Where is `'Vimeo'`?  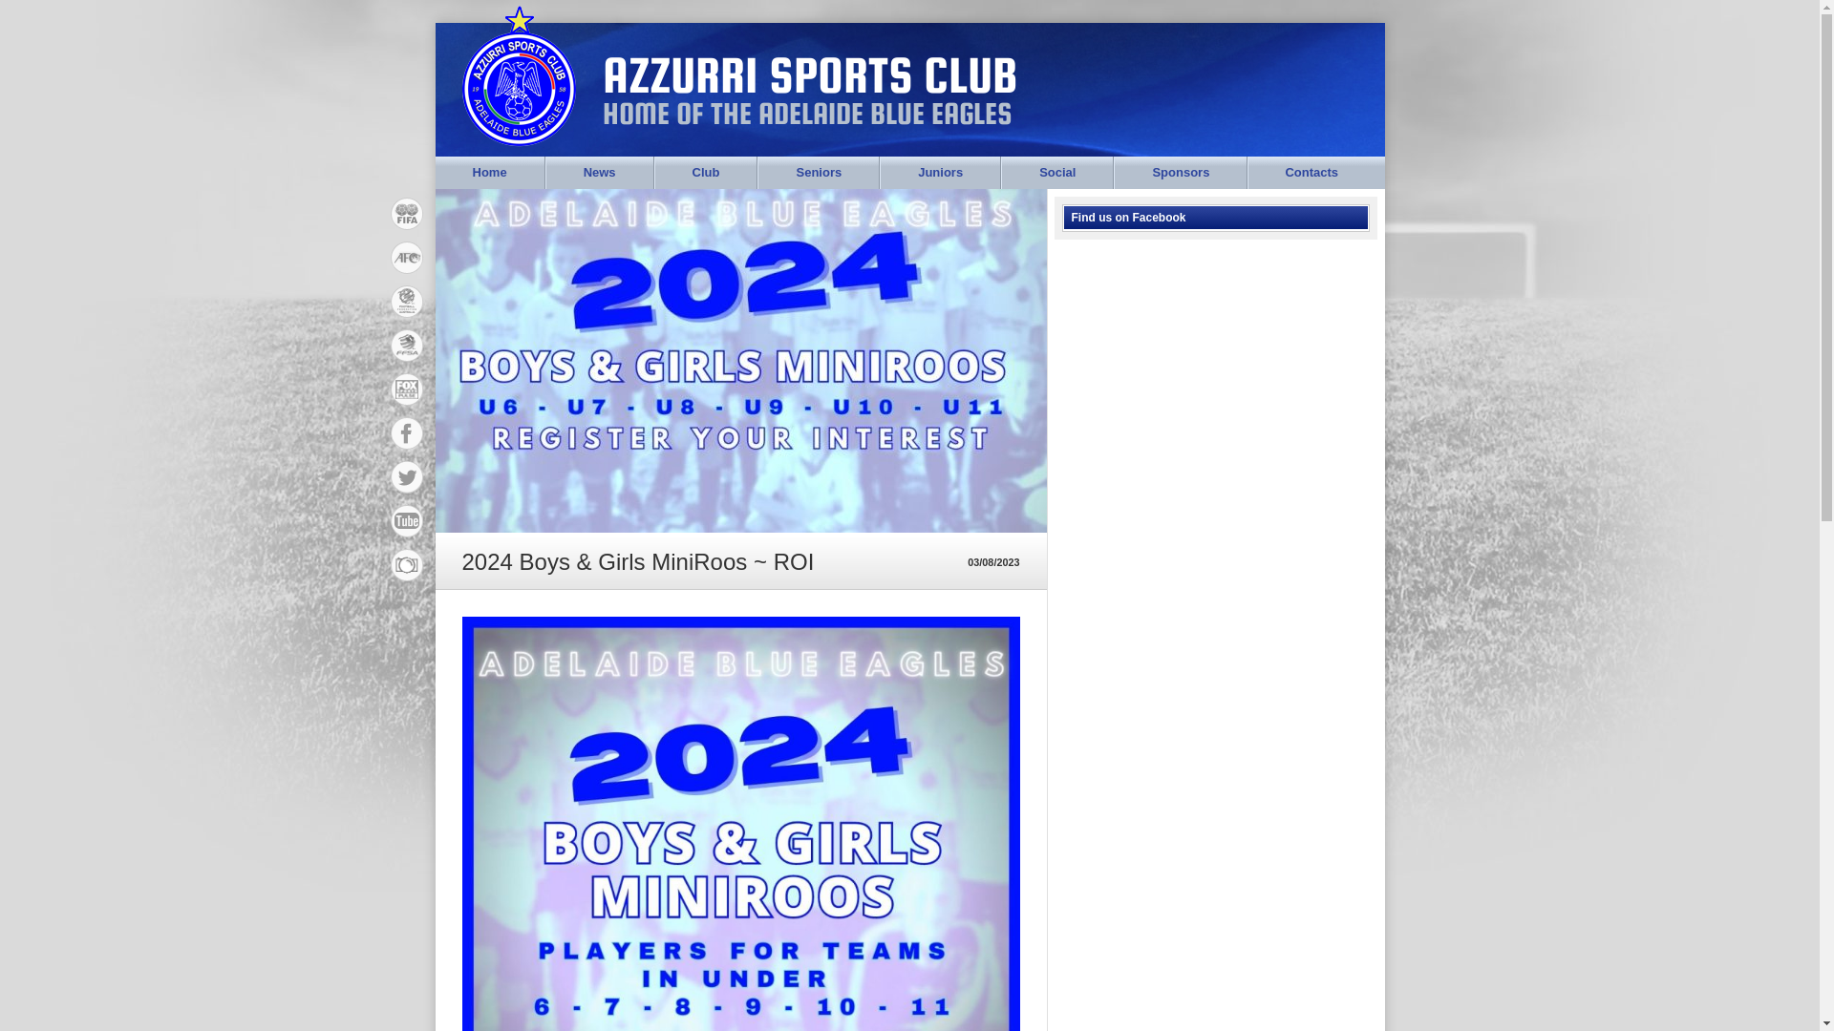 'Vimeo' is located at coordinates (406, 521).